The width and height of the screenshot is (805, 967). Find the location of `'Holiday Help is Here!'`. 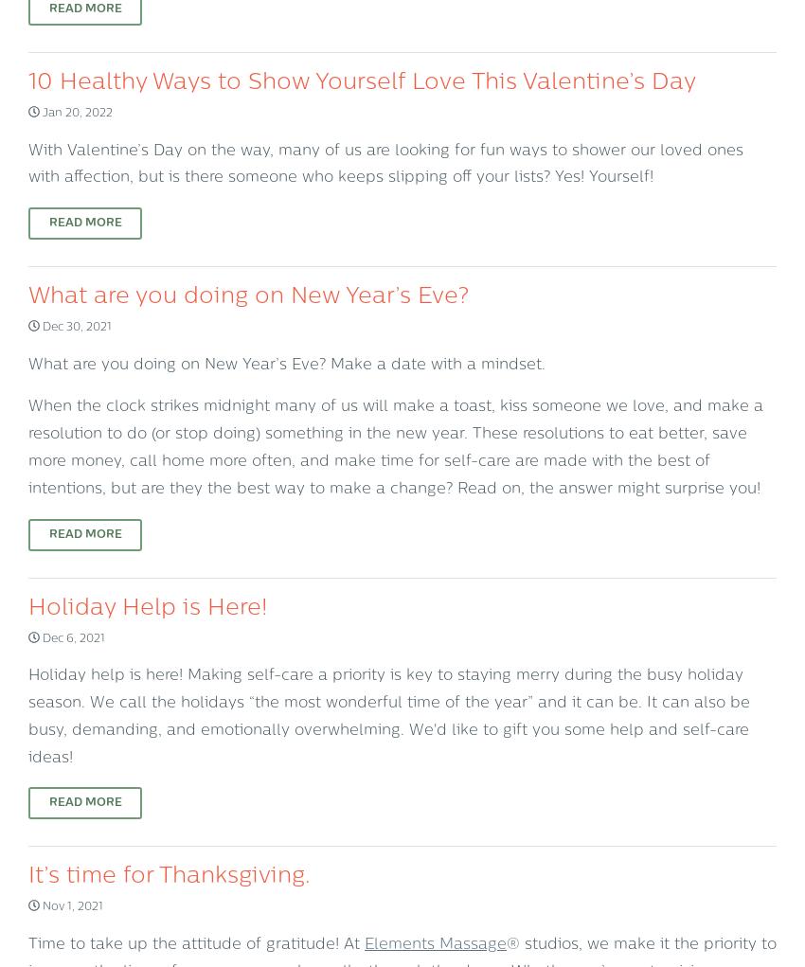

'Holiday Help is Here!' is located at coordinates (148, 607).